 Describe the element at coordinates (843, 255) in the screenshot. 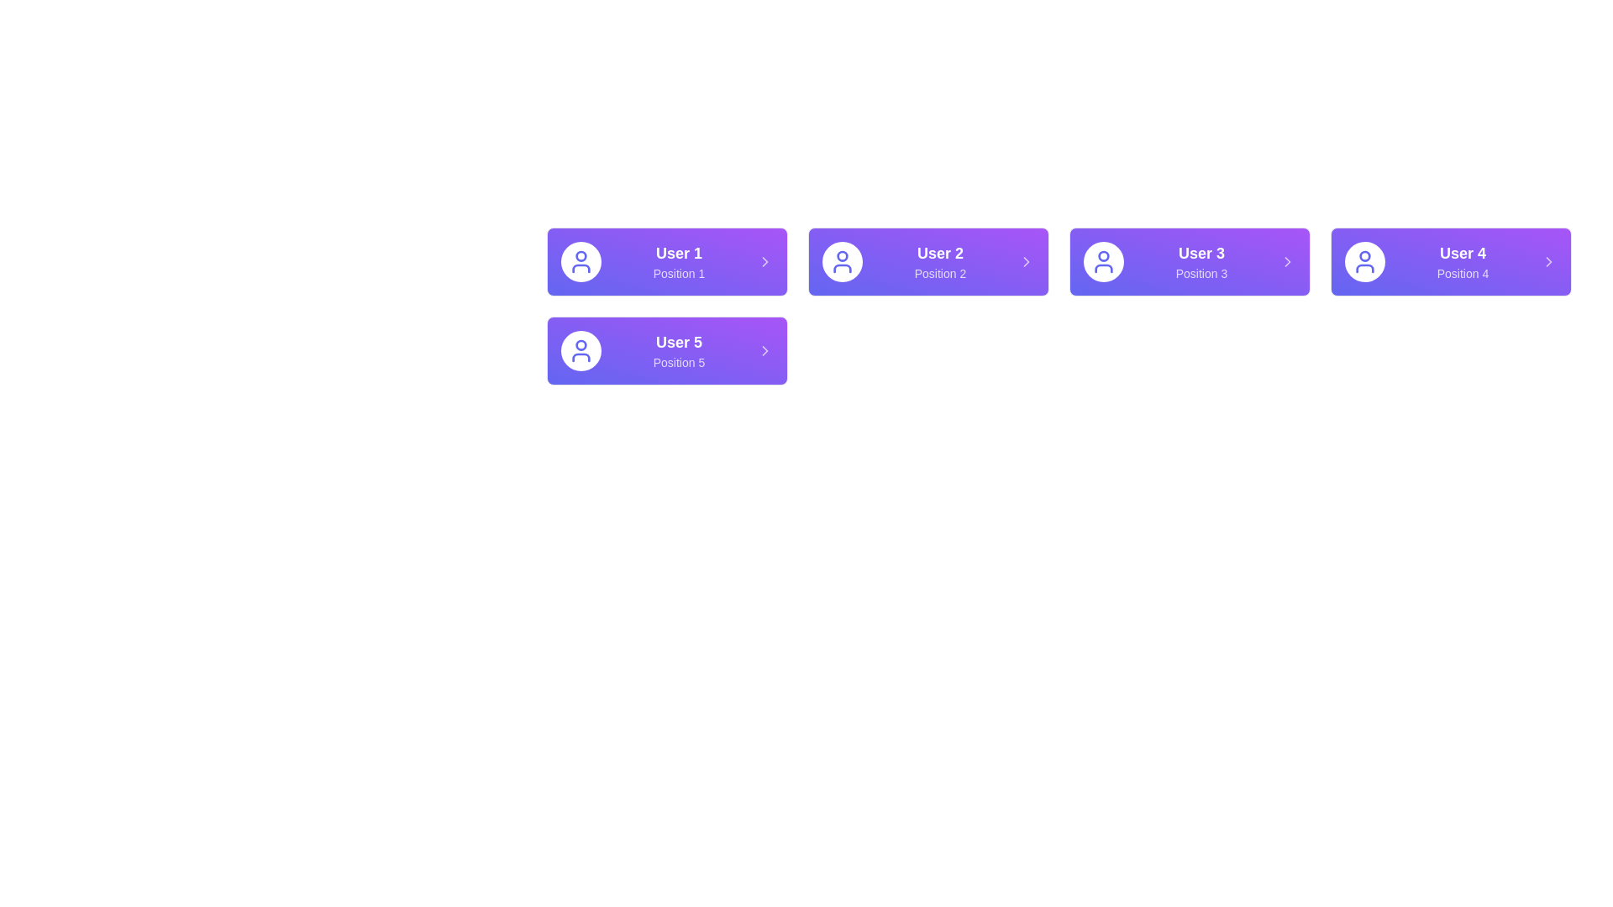

I see `the innermost circle of the user icon in the second box titled 'User 2, Position 2', which is visually centered near the top of the avatar icon` at that location.